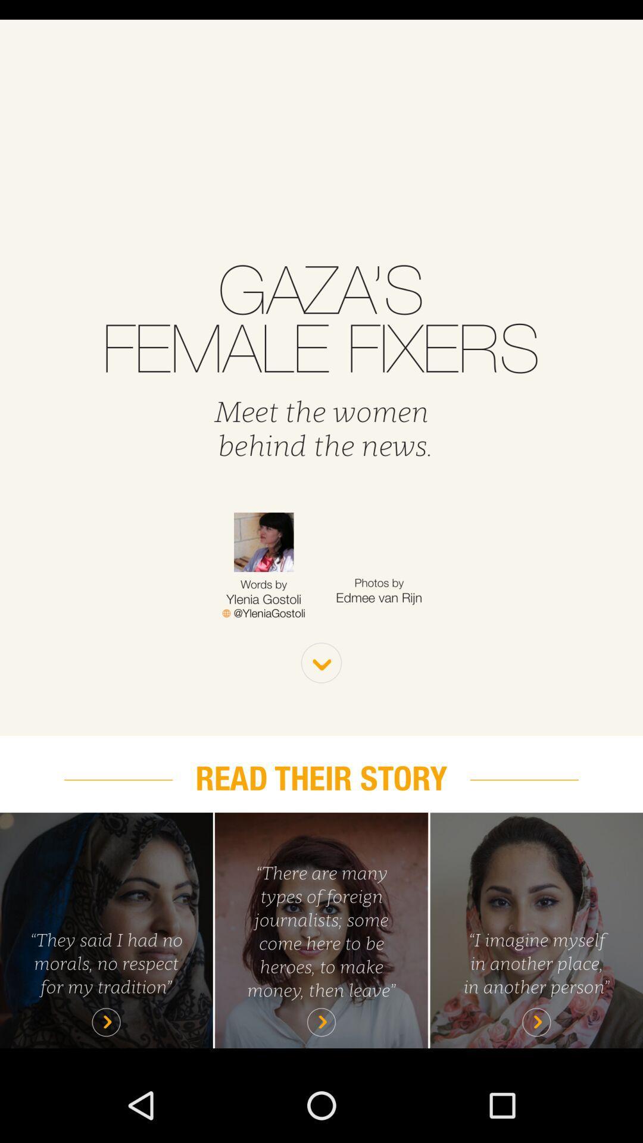 The width and height of the screenshot is (643, 1143). I want to click on check external social media link, so click(263, 613).